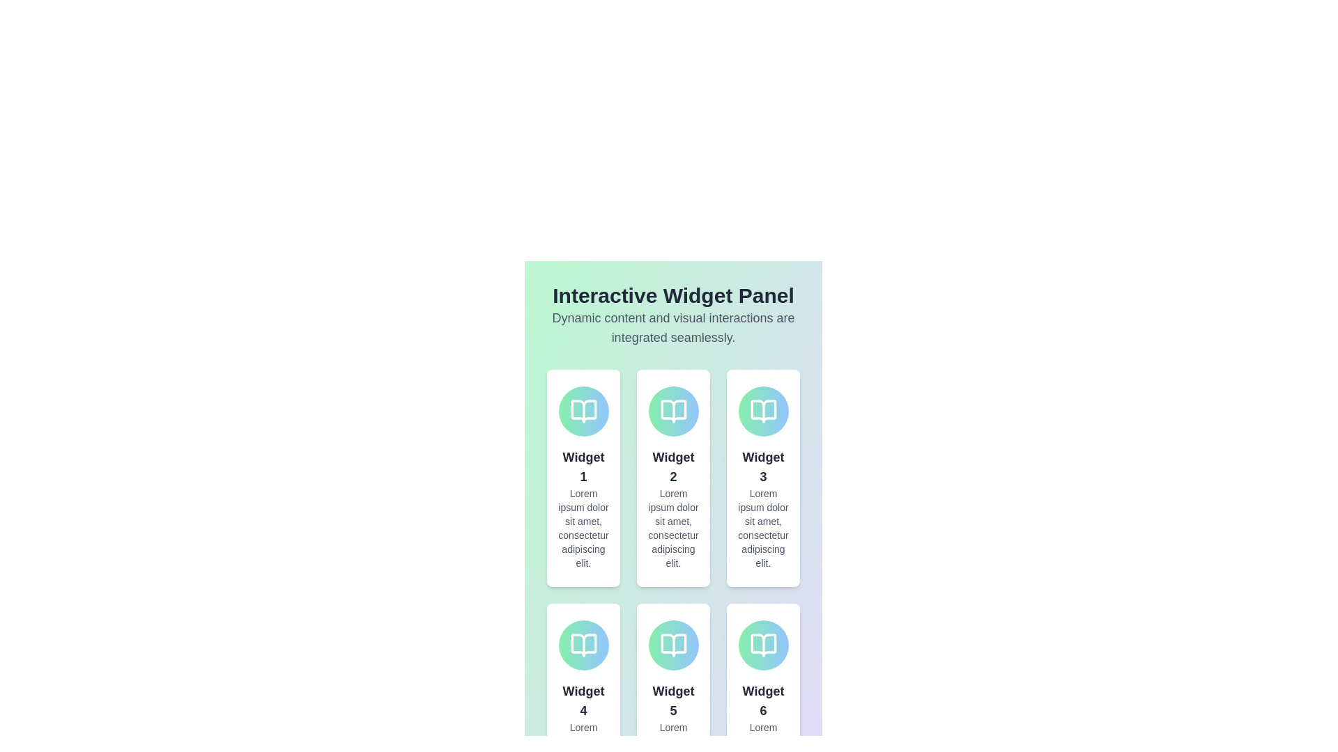 This screenshot has height=752, width=1338. Describe the element at coordinates (673, 327) in the screenshot. I see `the Text label that contains the message 'Dynamic content and visual interactions are integrated seamlessly', which is positioned directly below the heading 'Interactive Widget Panel'` at that location.